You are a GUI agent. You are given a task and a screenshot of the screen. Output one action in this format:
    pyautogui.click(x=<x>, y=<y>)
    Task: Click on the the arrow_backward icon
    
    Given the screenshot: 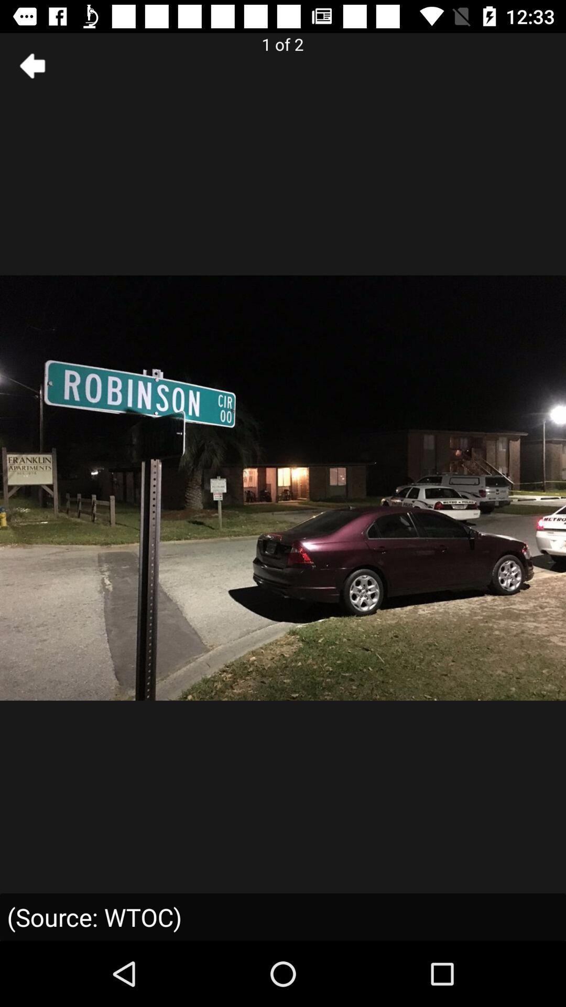 What is the action you would take?
    pyautogui.click(x=32, y=65)
    